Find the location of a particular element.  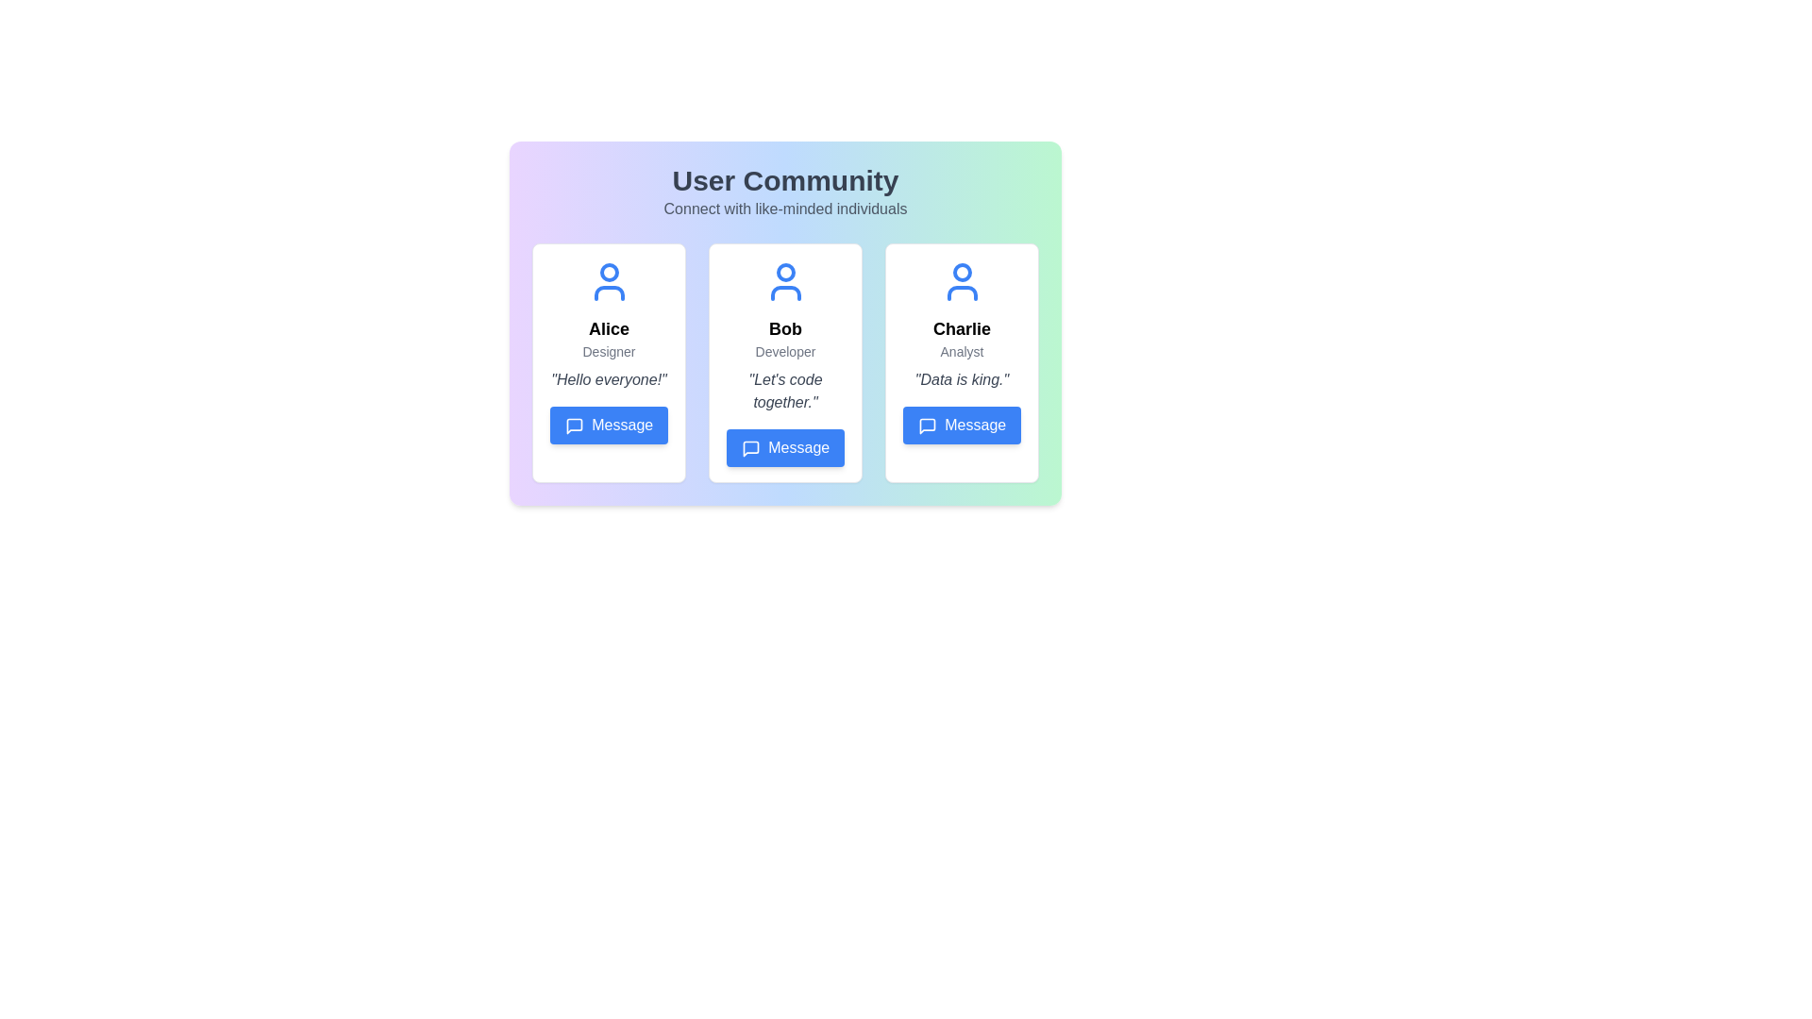

the text element displaying 'Alice' in bold font, located in the first user card of the user community section, positioned below the user icon and above the role text 'Designer' is located at coordinates (609, 327).